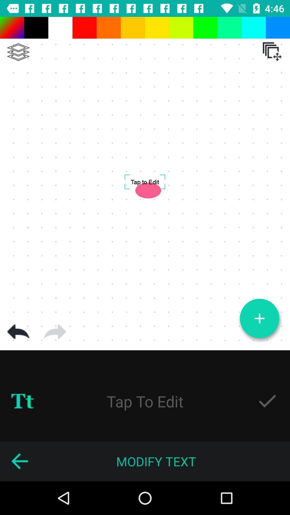 The image size is (290, 515). I want to click on the icon which is below blue colour box, so click(272, 51).